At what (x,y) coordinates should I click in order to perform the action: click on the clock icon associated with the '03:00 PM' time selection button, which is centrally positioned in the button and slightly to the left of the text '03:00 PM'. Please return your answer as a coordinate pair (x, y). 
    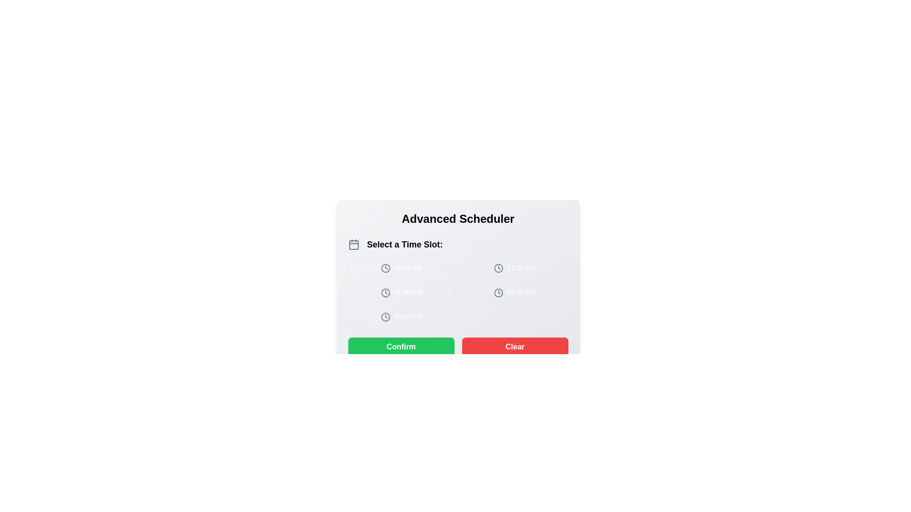
    Looking at the image, I should click on (498, 292).